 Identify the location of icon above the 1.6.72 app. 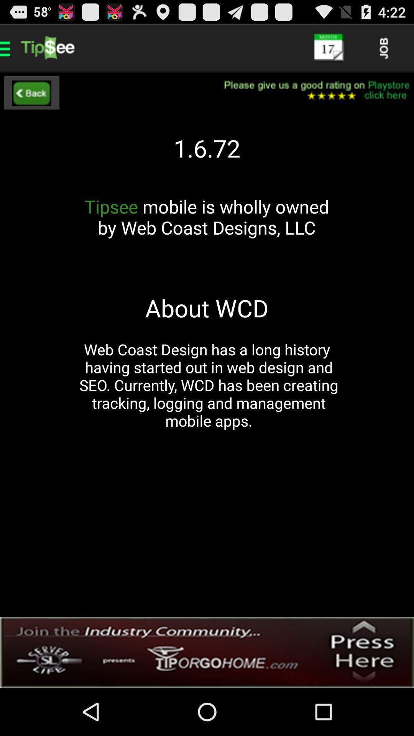
(312, 90).